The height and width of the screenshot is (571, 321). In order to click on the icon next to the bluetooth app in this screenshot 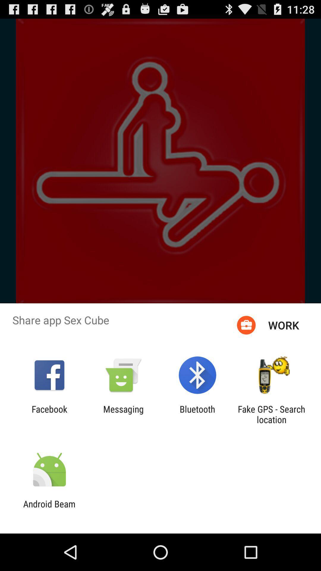, I will do `click(271, 414)`.